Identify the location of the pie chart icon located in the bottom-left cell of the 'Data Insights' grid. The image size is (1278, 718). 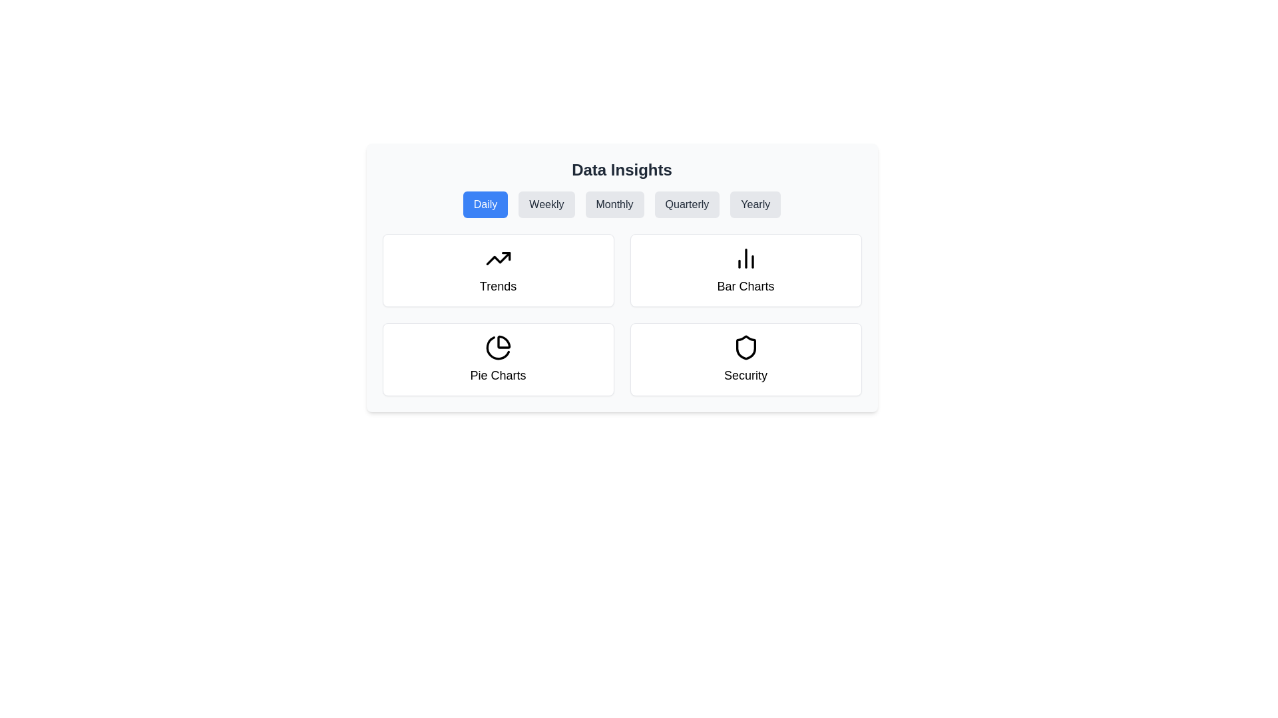
(497, 347).